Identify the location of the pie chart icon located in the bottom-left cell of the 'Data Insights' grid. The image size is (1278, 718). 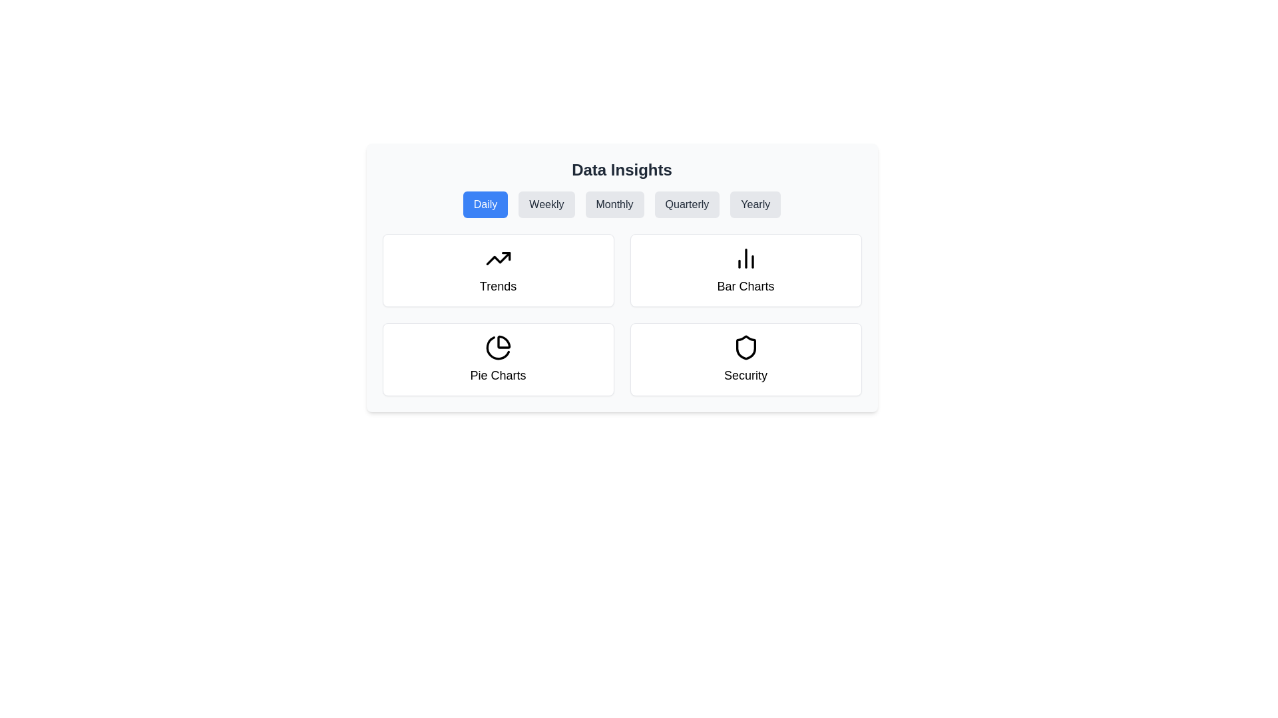
(497, 347).